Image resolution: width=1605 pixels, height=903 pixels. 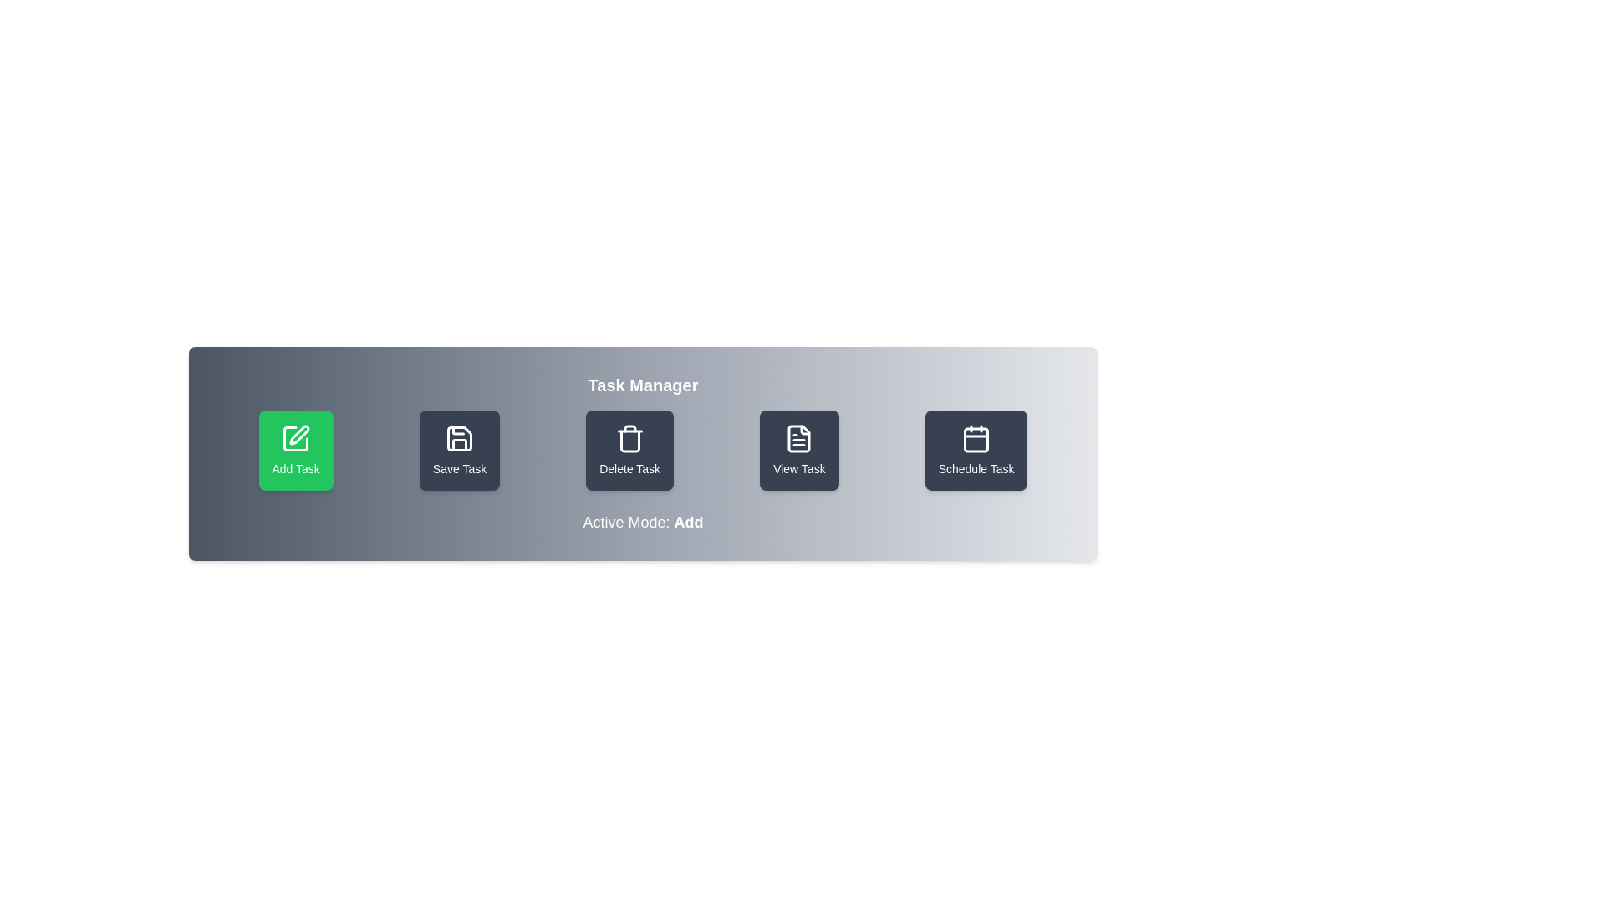 I want to click on the button labeled 'Save Task' to observe its hover effect, so click(x=460, y=450).